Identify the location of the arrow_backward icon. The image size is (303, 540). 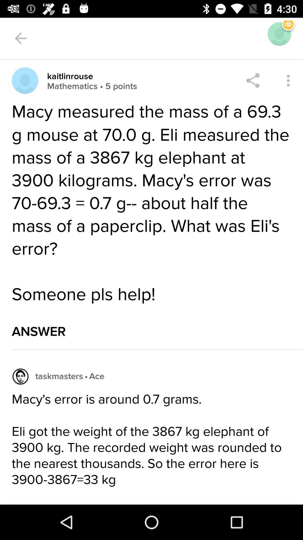
(20, 38).